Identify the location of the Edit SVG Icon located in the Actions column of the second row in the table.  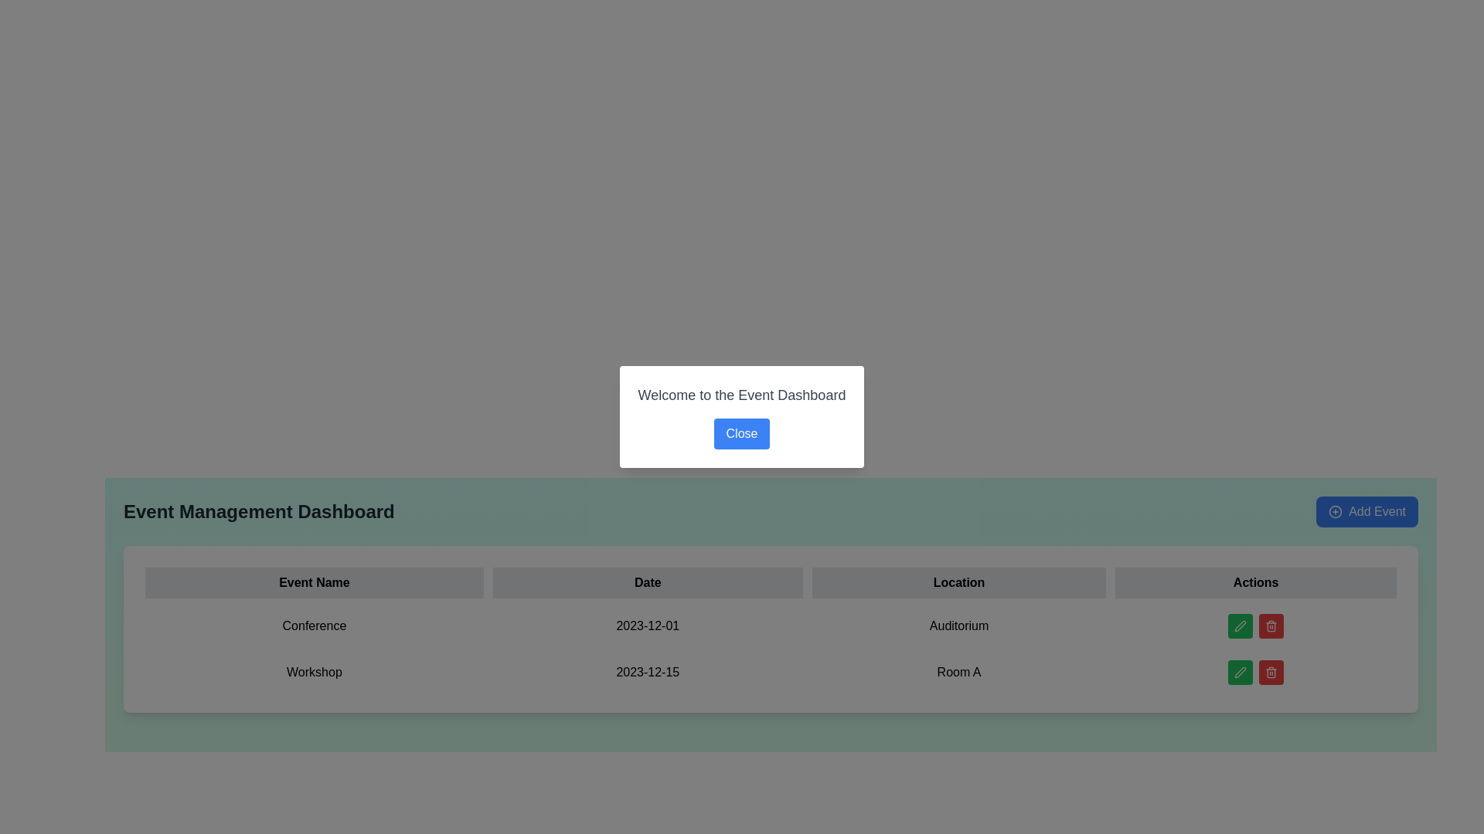
(1241, 625).